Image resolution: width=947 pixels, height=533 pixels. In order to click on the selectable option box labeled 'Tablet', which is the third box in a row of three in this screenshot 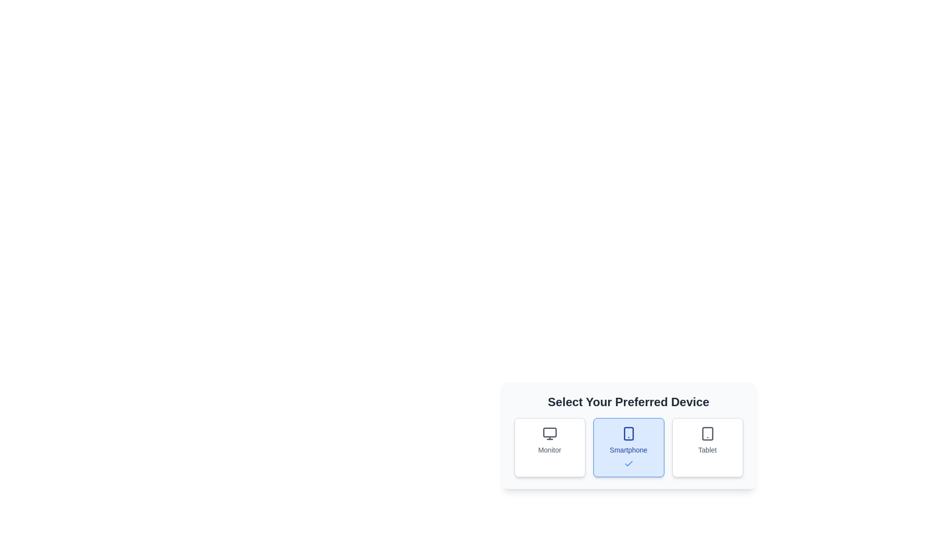, I will do `click(707, 447)`.